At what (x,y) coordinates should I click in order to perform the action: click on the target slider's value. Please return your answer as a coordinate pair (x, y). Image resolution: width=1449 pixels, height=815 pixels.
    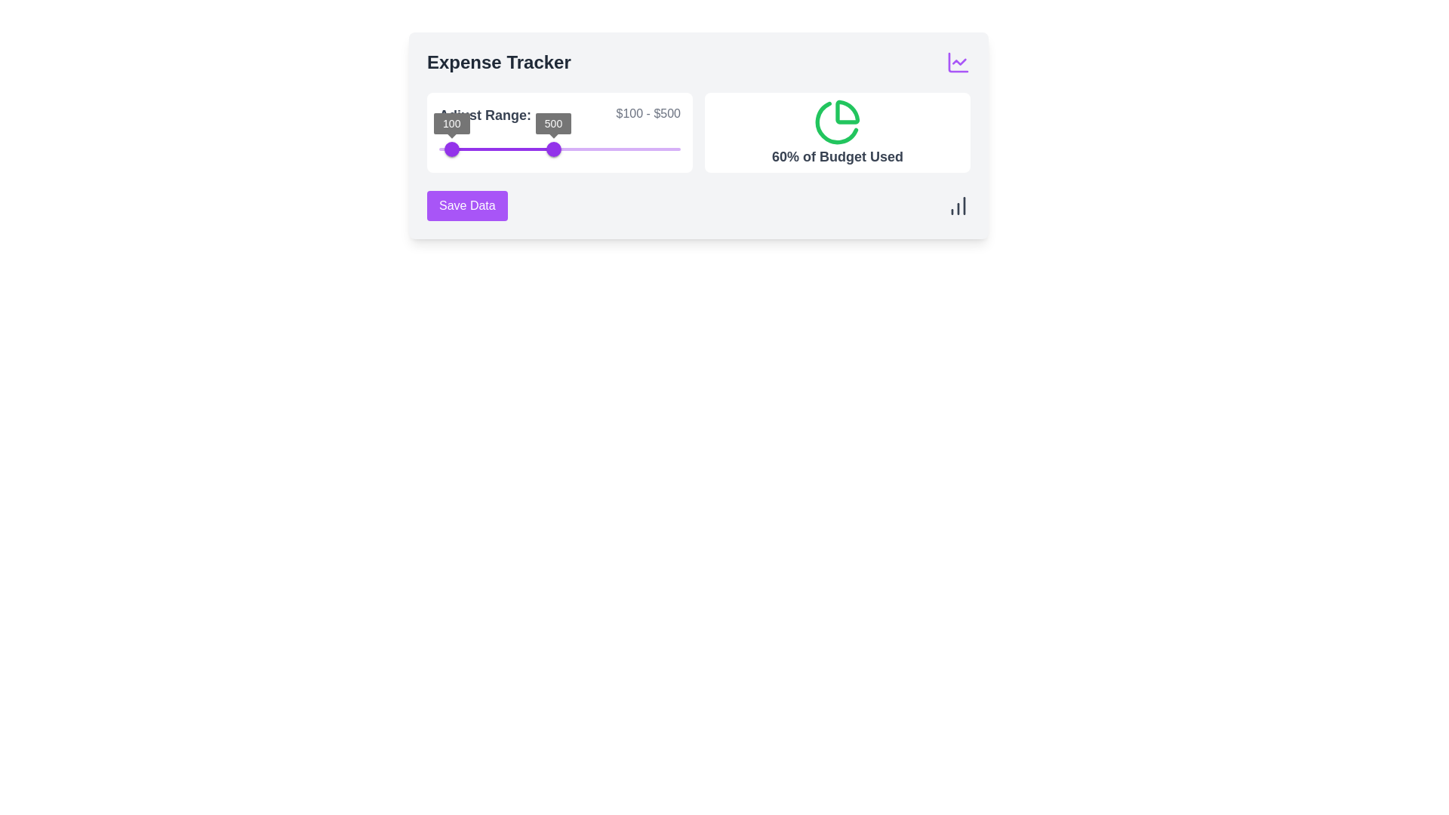
    Looking at the image, I should click on (517, 151).